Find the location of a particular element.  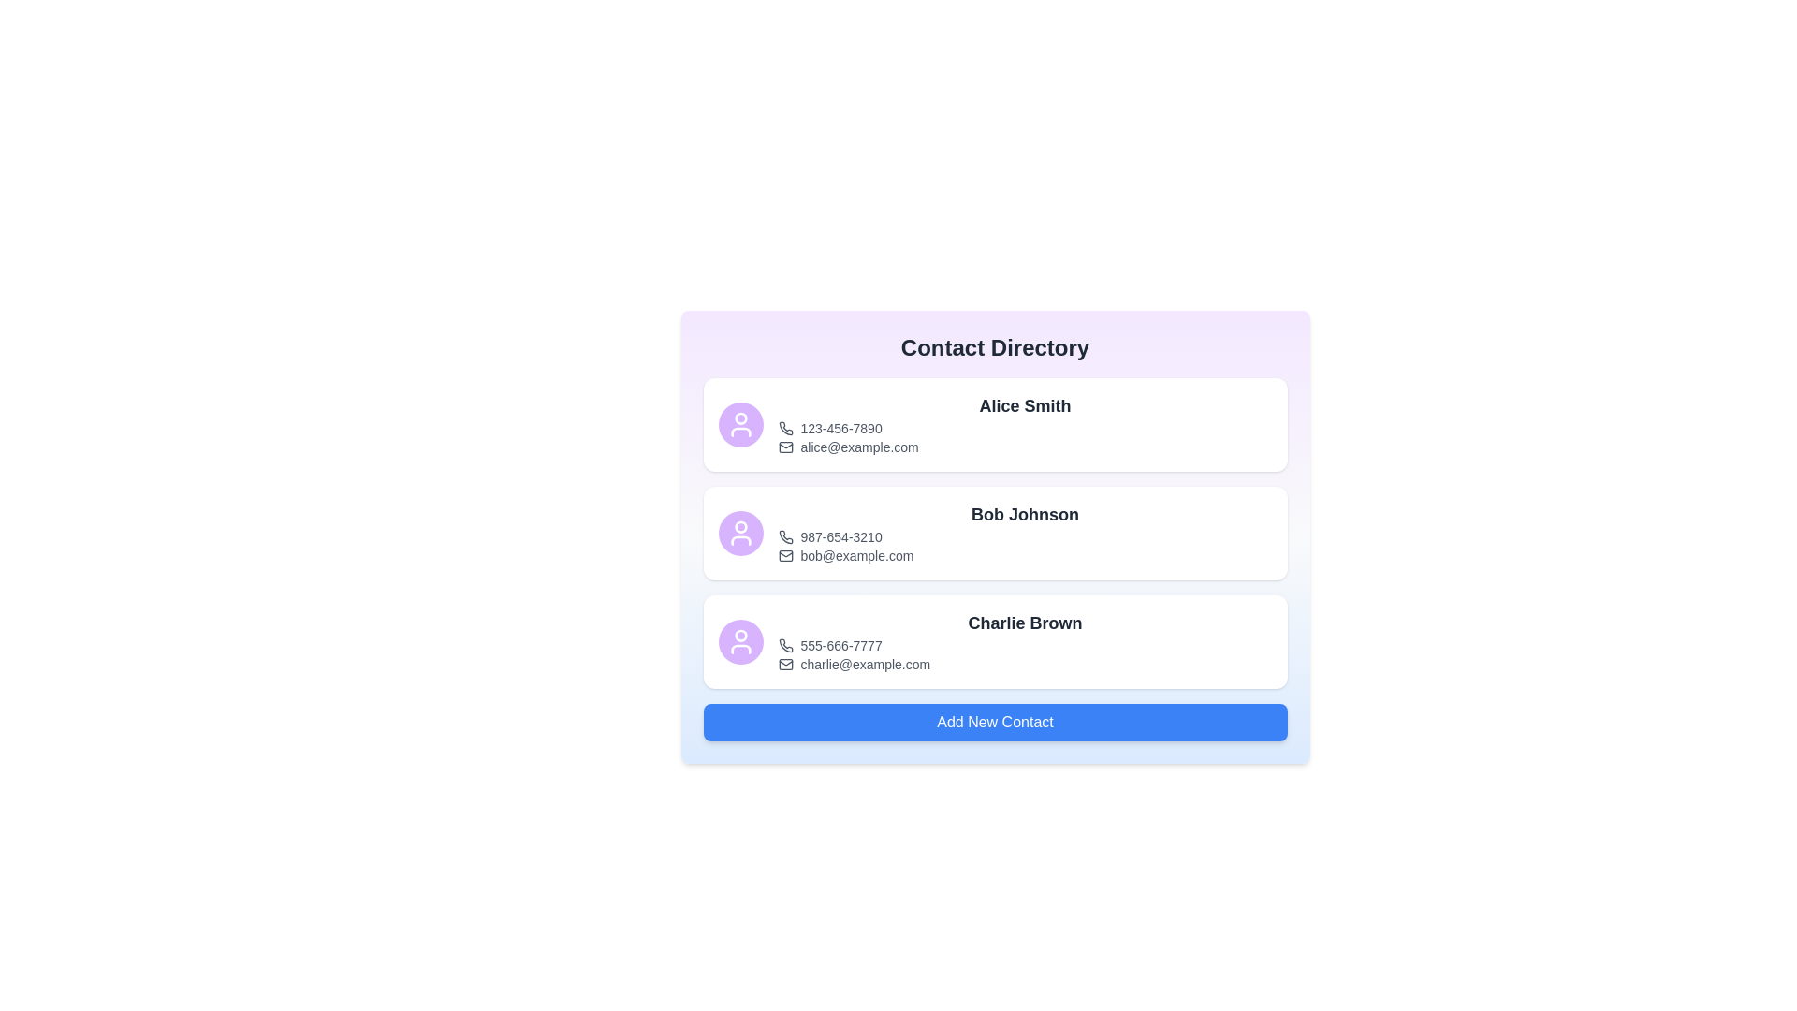

the 'Add New Contact' button to initiate the process of adding a new contact is located at coordinates (994, 721).